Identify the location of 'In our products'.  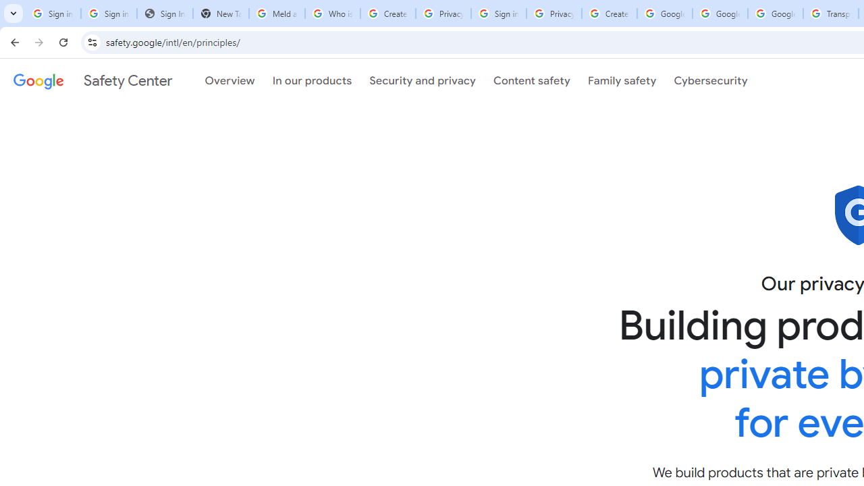
(311, 80).